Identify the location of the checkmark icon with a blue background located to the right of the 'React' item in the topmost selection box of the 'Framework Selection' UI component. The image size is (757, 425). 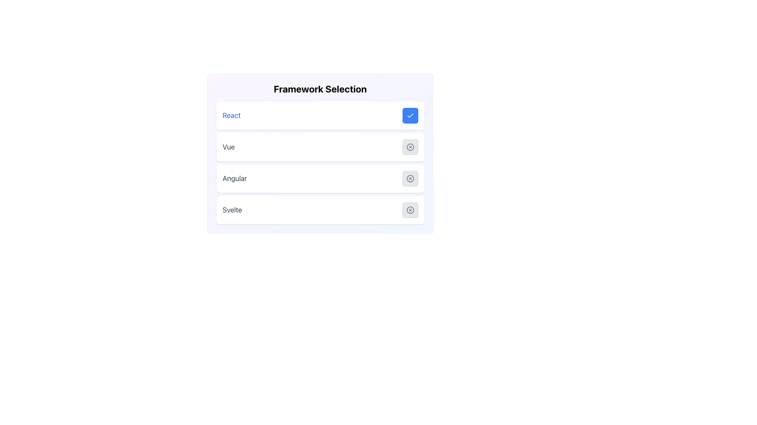
(410, 115).